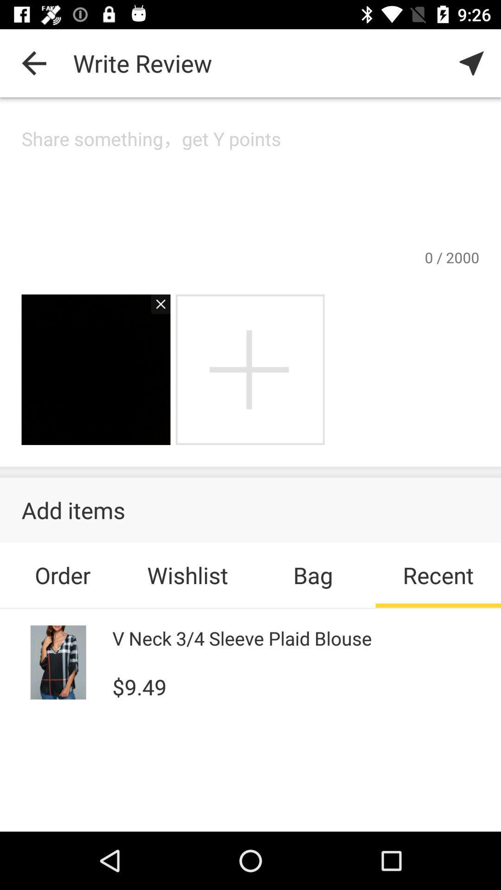 Image resolution: width=501 pixels, height=890 pixels. Describe the element at coordinates (139, 686) in the screenshot. I see `the $9.49 icon` at that location.